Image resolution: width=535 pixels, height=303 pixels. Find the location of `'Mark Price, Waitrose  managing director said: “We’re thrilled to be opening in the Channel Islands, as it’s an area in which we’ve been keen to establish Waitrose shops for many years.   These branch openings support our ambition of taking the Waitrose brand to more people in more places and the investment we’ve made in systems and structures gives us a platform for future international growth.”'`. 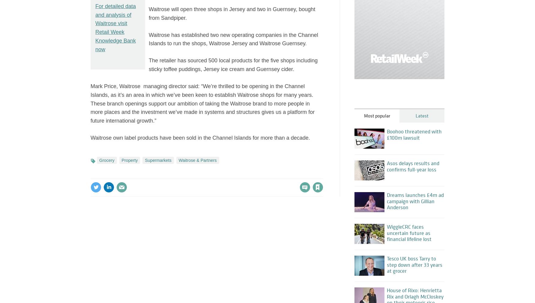

'Mark Price, Waitrose  managing director said: “We’re thrilled to be opening in the Channel Islands, as it’s an area in which we’ve been keen to establish Waitrose shops for many years.   These branch openings support our ambition of taking the Waitrose brand to more people in more places and the investment we’ve made in systems and structures gives us a platform for future international growth.”' is located at coordinates (203, 103).